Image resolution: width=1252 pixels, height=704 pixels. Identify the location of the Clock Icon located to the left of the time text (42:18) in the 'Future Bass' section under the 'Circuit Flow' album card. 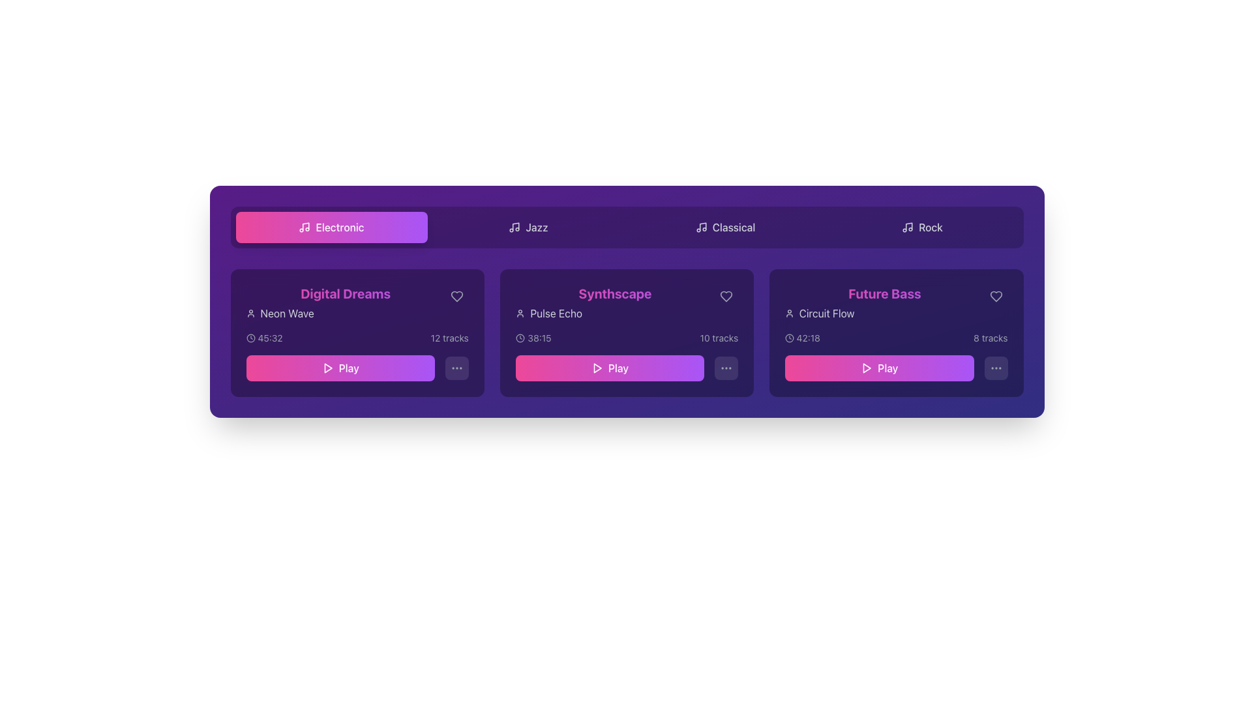
(789, 338).